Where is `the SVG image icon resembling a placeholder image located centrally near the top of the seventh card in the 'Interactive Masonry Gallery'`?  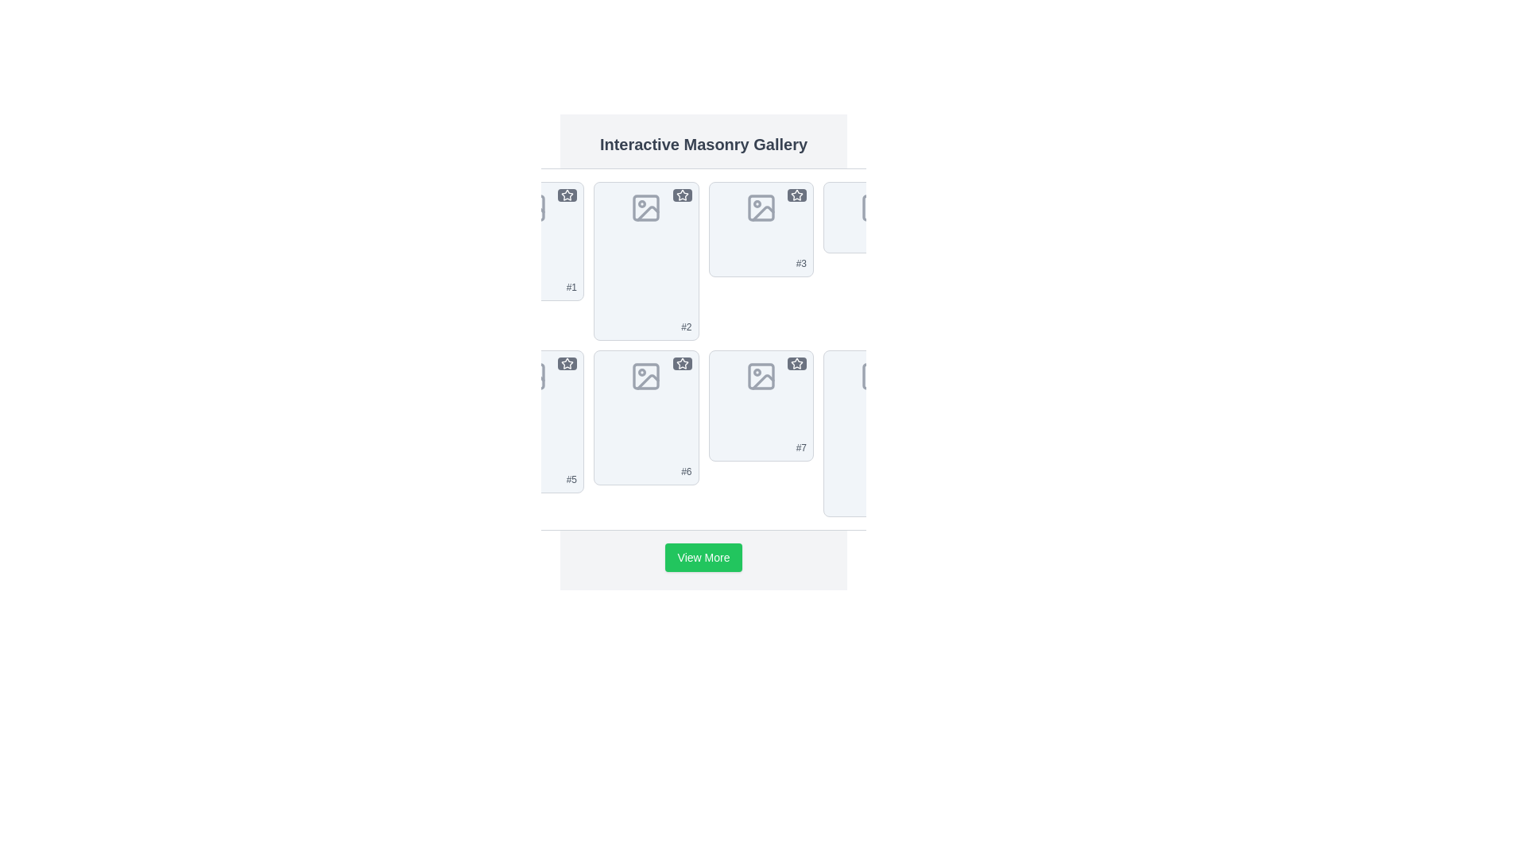 the SVG image icon resembling a placeholder image located centrally near the top of the seventh card in the 'Interactive Masonry Gallery' is located at coordinates (760, 377).